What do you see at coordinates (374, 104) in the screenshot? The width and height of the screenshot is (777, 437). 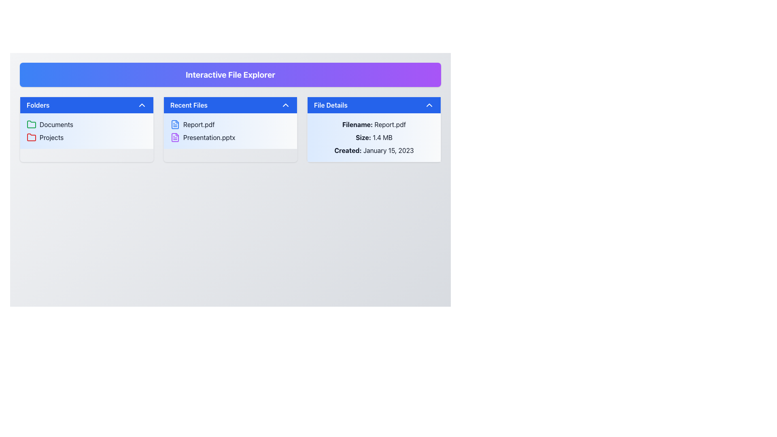 I see `the collapsible button at the top of the 'File Details' card` at bounding box center [374, 104].